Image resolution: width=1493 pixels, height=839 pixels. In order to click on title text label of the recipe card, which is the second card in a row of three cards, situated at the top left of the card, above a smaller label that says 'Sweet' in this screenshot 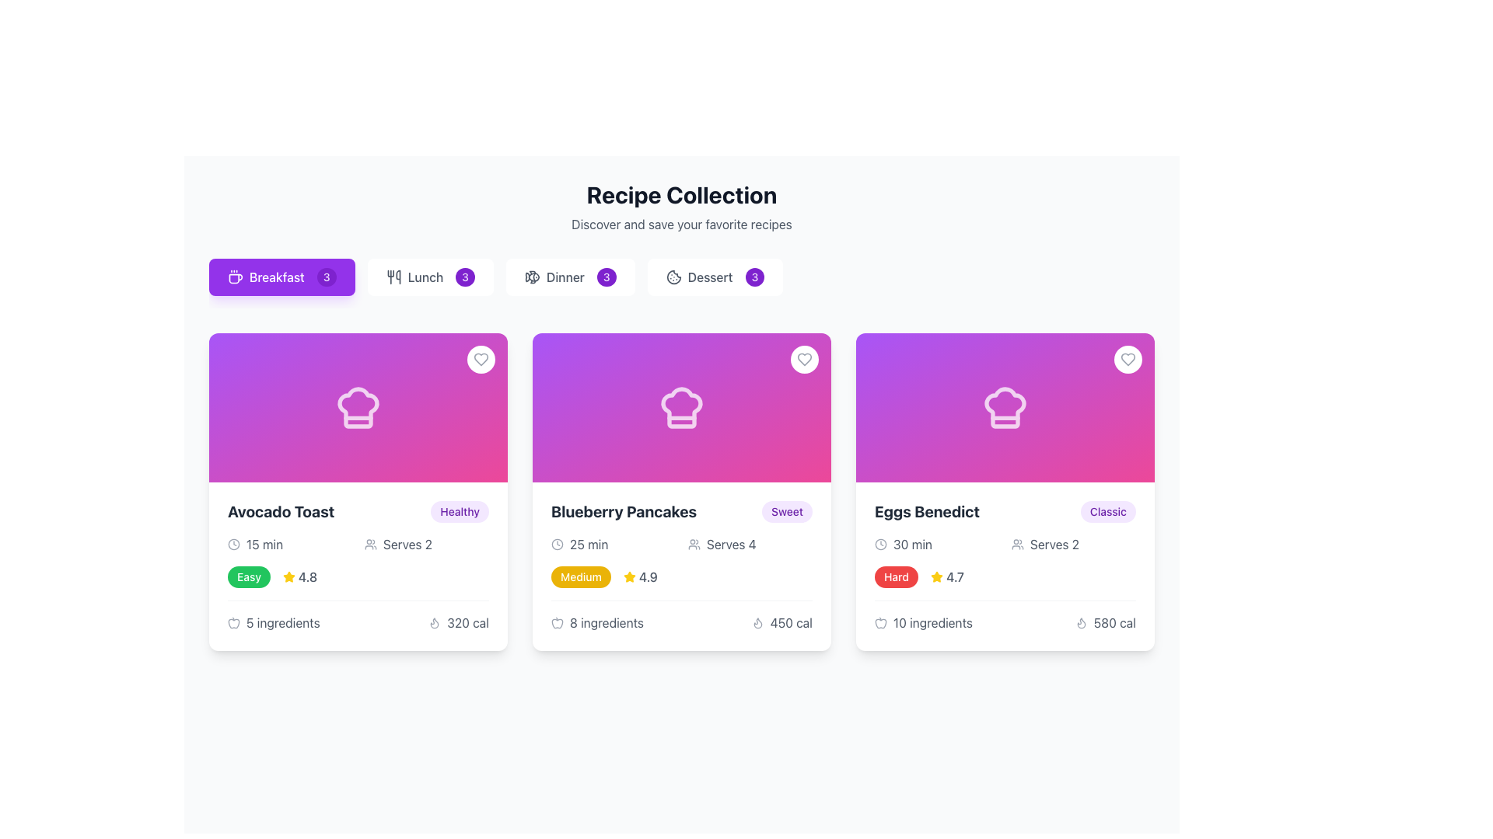, I will do `click(624, 512)`.